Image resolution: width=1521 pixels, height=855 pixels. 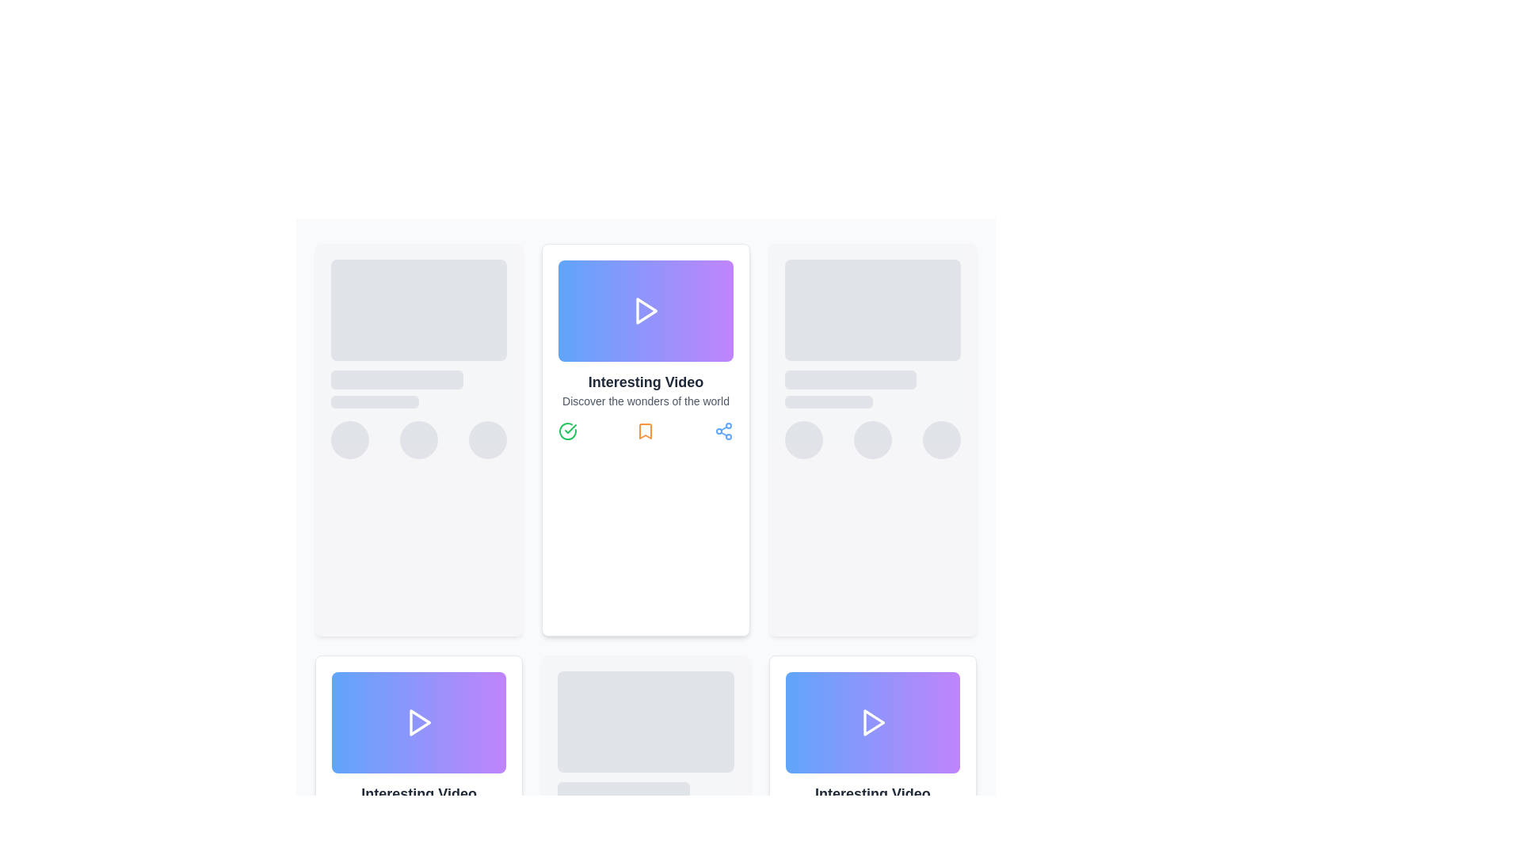 What do you see at coordinates (420, 723) in the screenshot?
I see `the play button icon, which is an SVG-based triangular arrow pointing to the right, styled with a white fill on a circular gradient background, to play the video` at bounding box center [420, 723].